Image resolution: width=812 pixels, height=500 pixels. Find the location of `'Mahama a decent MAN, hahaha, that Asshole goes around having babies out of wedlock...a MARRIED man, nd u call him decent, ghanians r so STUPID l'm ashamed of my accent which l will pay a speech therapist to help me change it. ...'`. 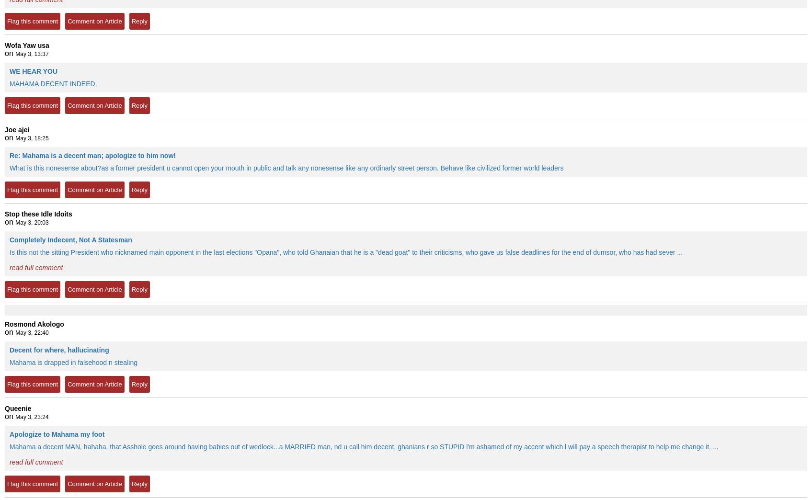

'Mahama a decent MAN, hahaha, that Asshole goes around having babies out of wedlock...a MARRIED man, nd u call him decent, ghanians r so STUPID l'm ashamed of my accent which l will pay a speech therapist to help me change it. ...' is located at coordinates (363, 446).